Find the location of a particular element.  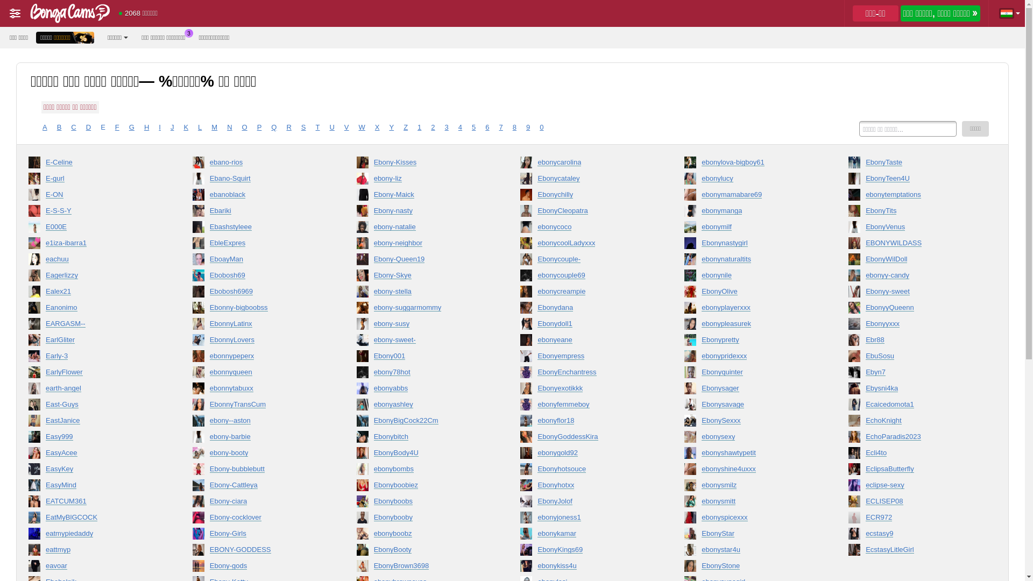

'EastJanice' is located at coordinates (95, 422).